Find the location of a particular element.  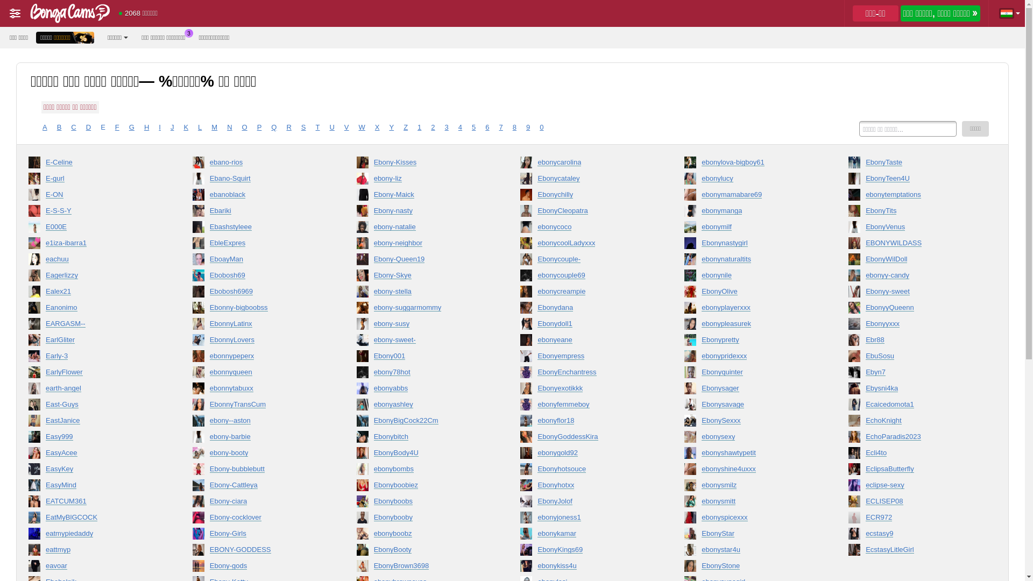

'EastJanice' is located at coordinates (95, 422).